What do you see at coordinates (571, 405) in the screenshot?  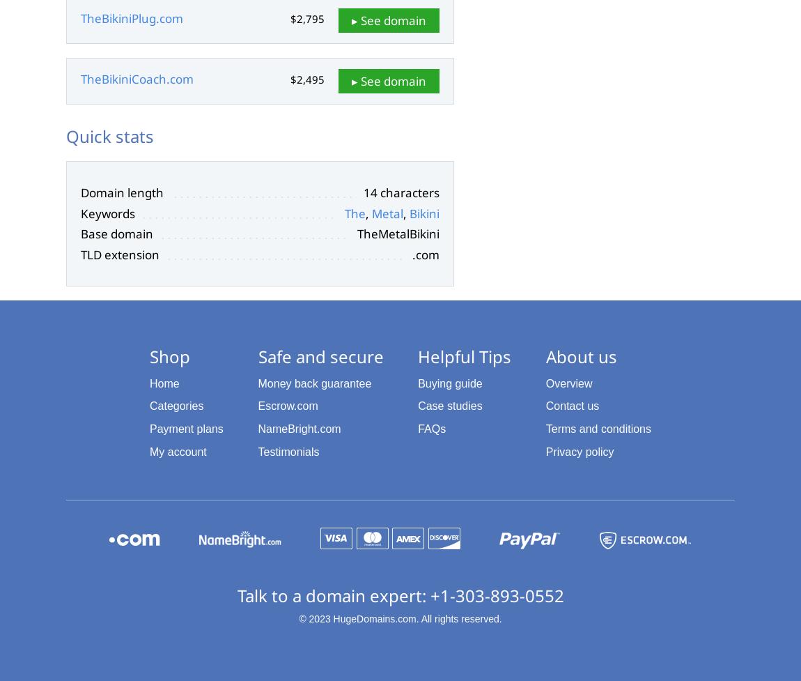 I see `'Contact us'` at bounding box center [571, 405].